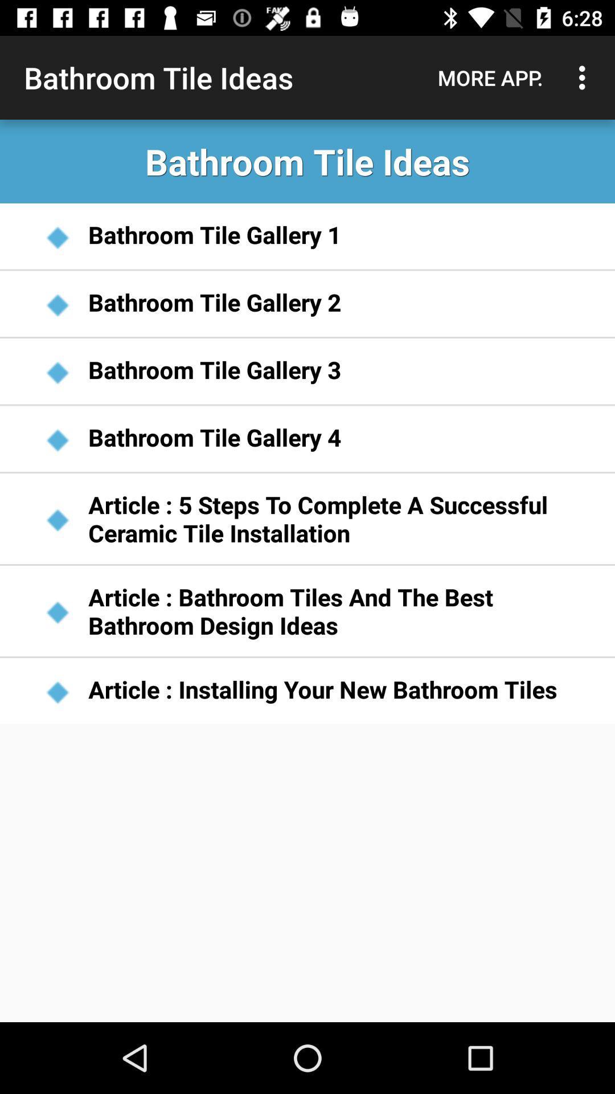 Image resolution: width=615 pixels, height=1094 pixels. What do you see at coordinates (585, 77) in the screenshot?
I see `icon to the right of more app. icon` at bounding box center [585, 77].